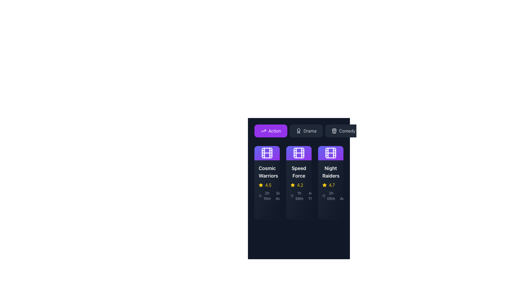 The width and height of the screenshot is (518, 291). Describe the element at coordinates (267, 153) in the screenshot. I see `the Icongraphic element representing the movie category for 'Cosmic Warriors' located in the top-left corner of the movie card under the 'Action' tab` at that location.